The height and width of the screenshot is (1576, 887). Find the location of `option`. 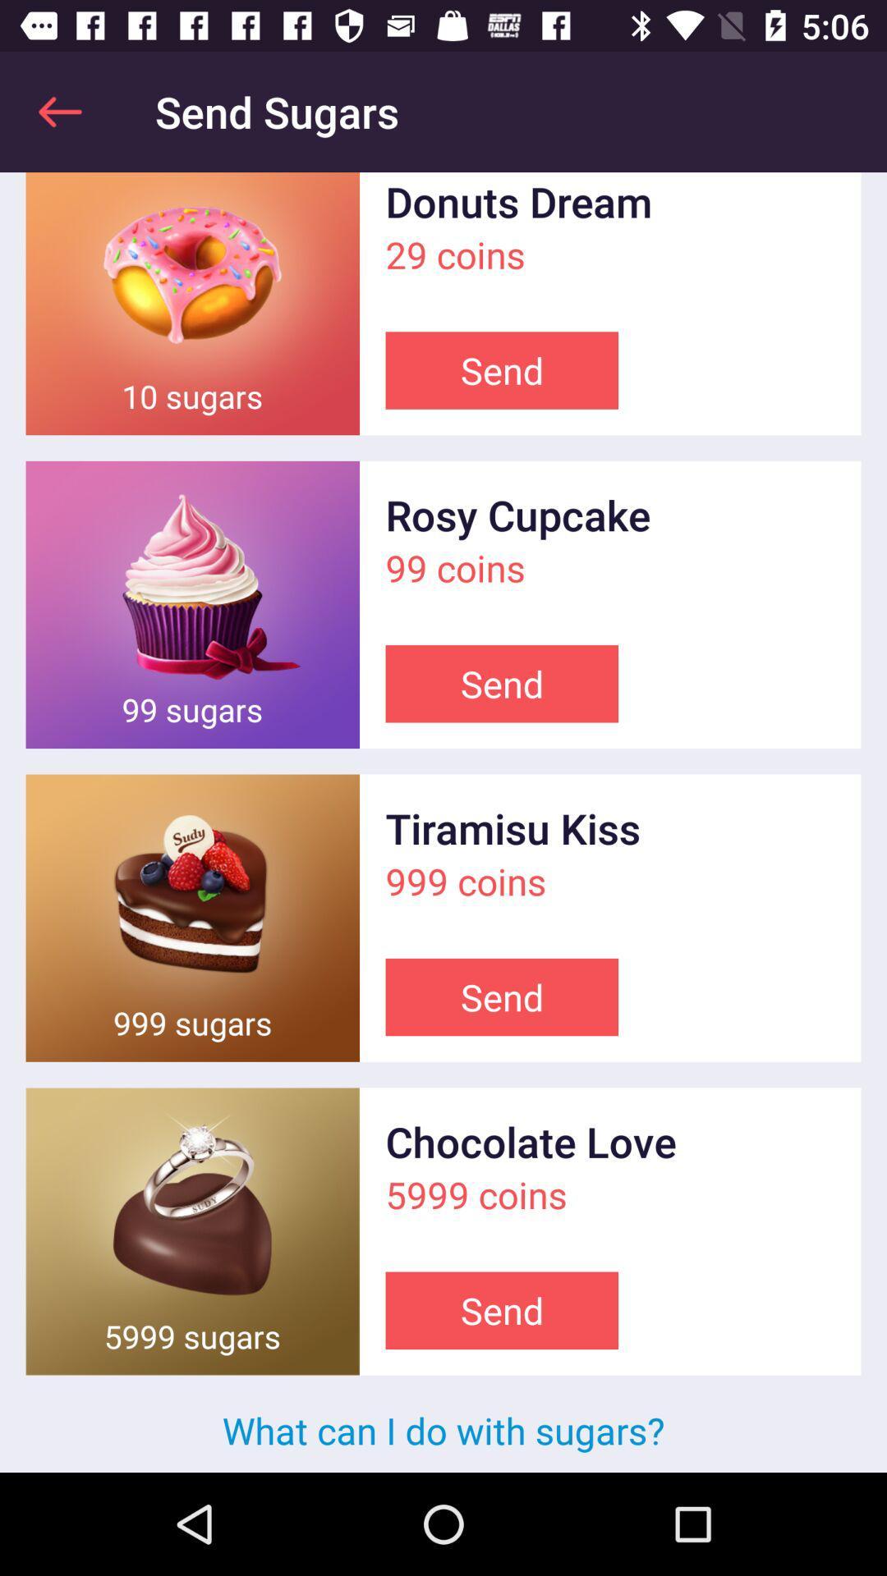

option is located at coordinates (191, 917).